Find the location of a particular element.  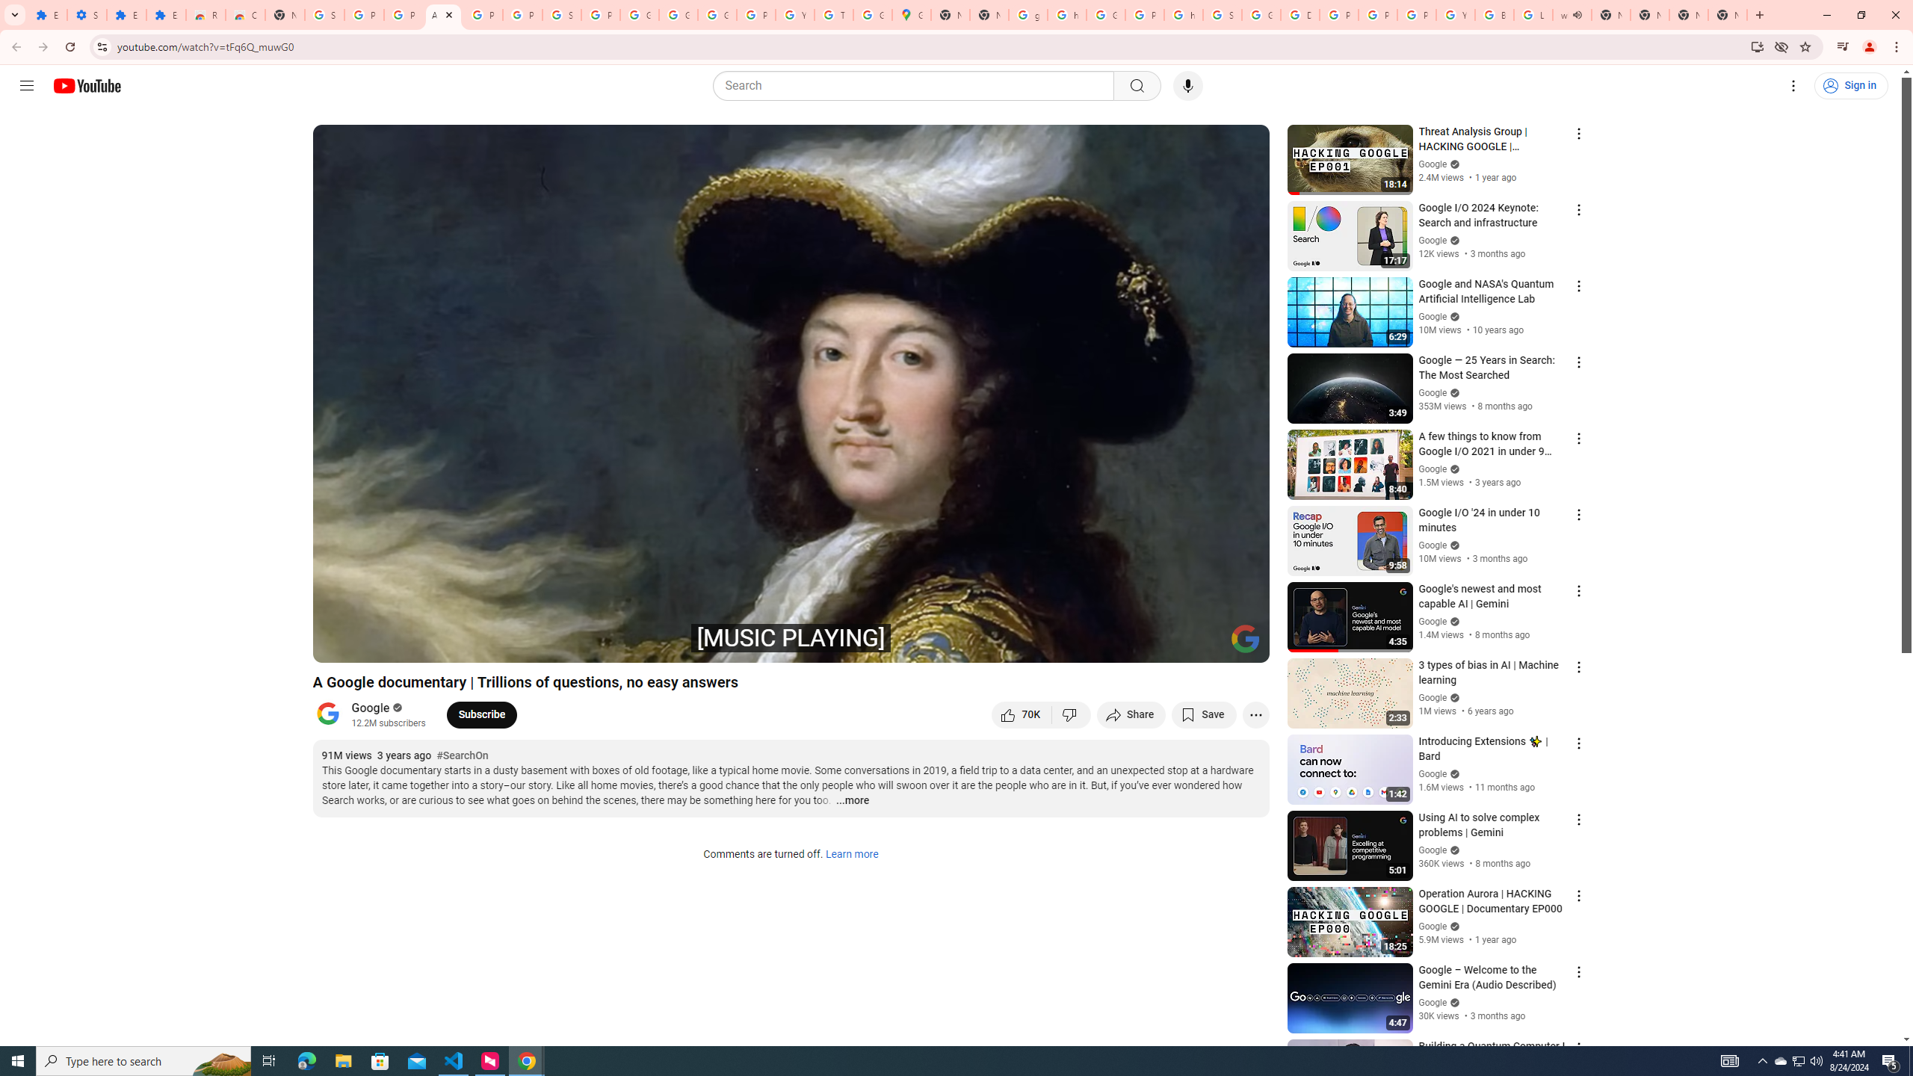

'Extensions' is located at coordinates (125, 14).